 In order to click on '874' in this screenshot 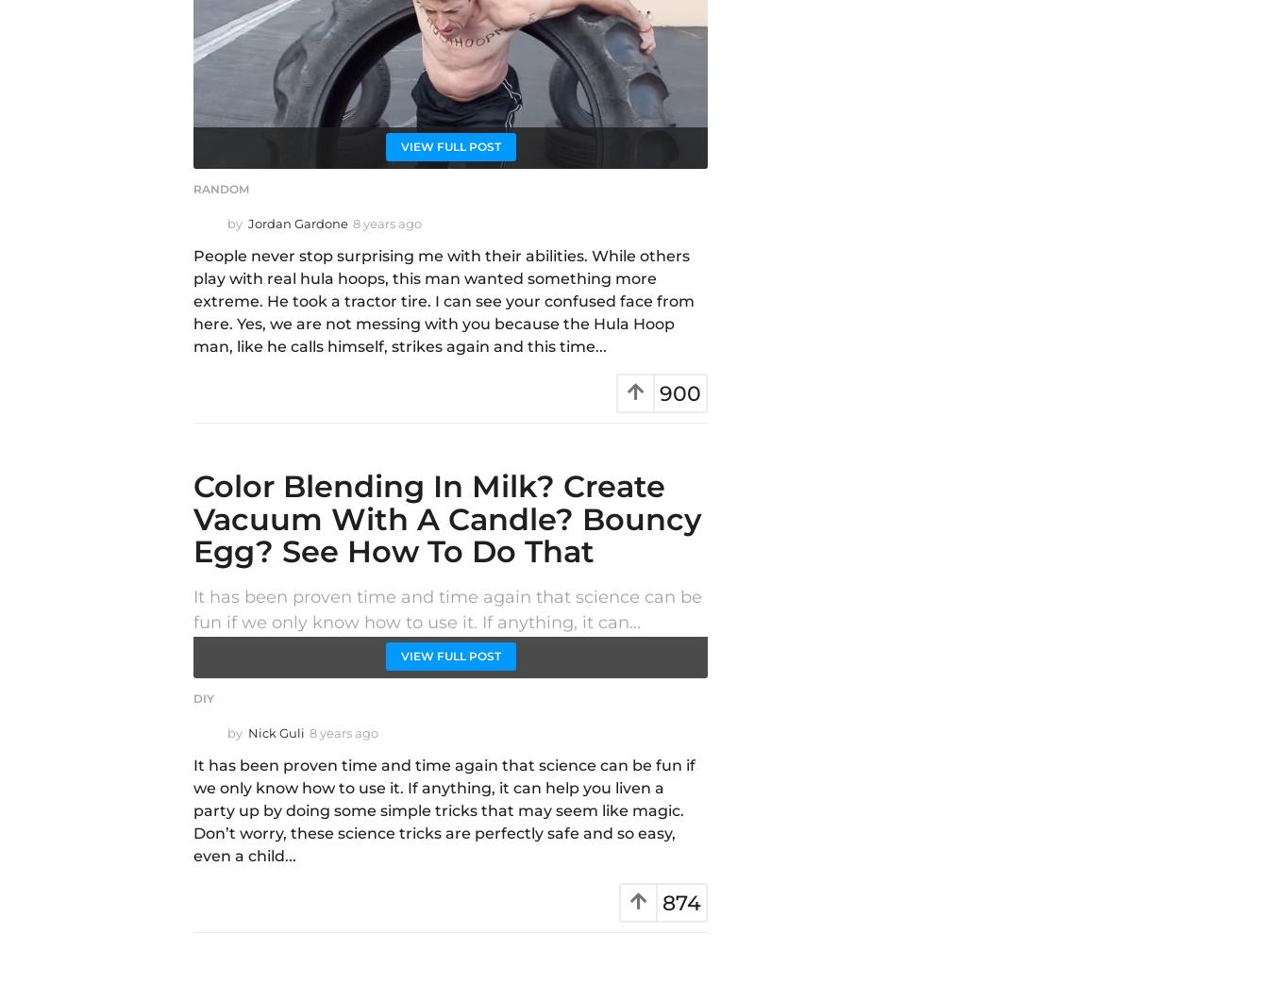, I will do `click(680, 902)`.